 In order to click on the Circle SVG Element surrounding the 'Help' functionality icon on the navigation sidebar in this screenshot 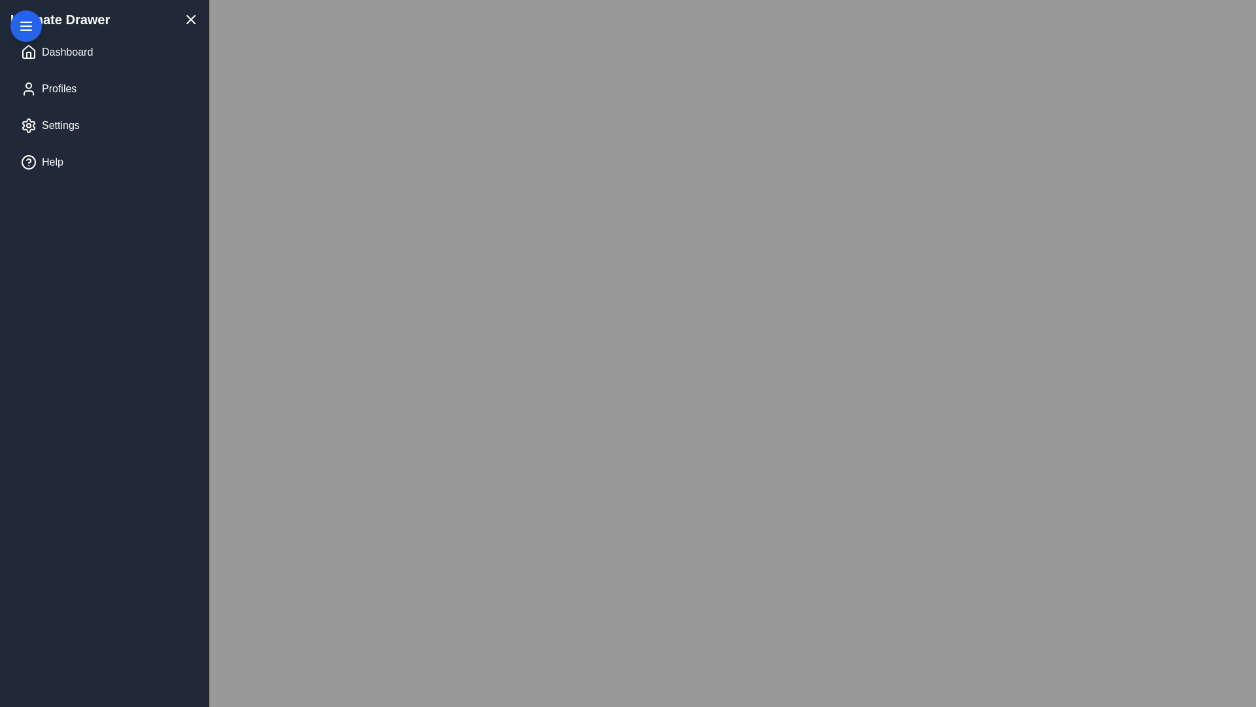, I will do `click(28, 161)`.